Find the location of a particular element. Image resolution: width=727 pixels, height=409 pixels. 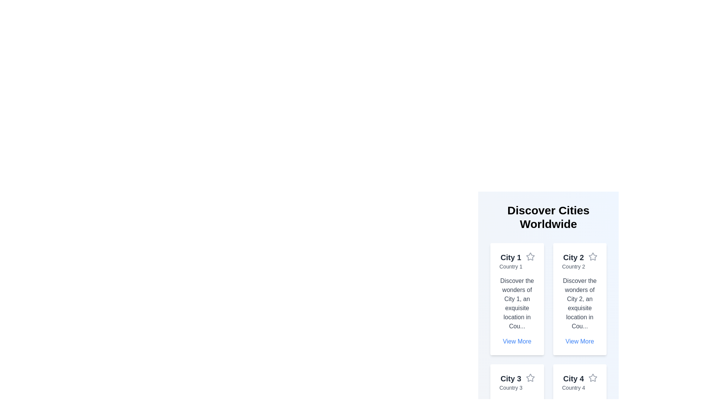

the star-shaped rating icon located at the top-right corner of the 'City 3' card is located at coordinates (530, 378).